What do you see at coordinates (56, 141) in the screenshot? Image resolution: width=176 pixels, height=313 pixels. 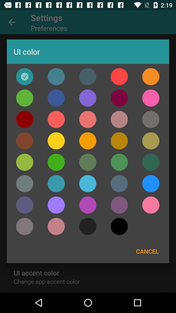 I see `yellow color` at bounding box center [56, 141].